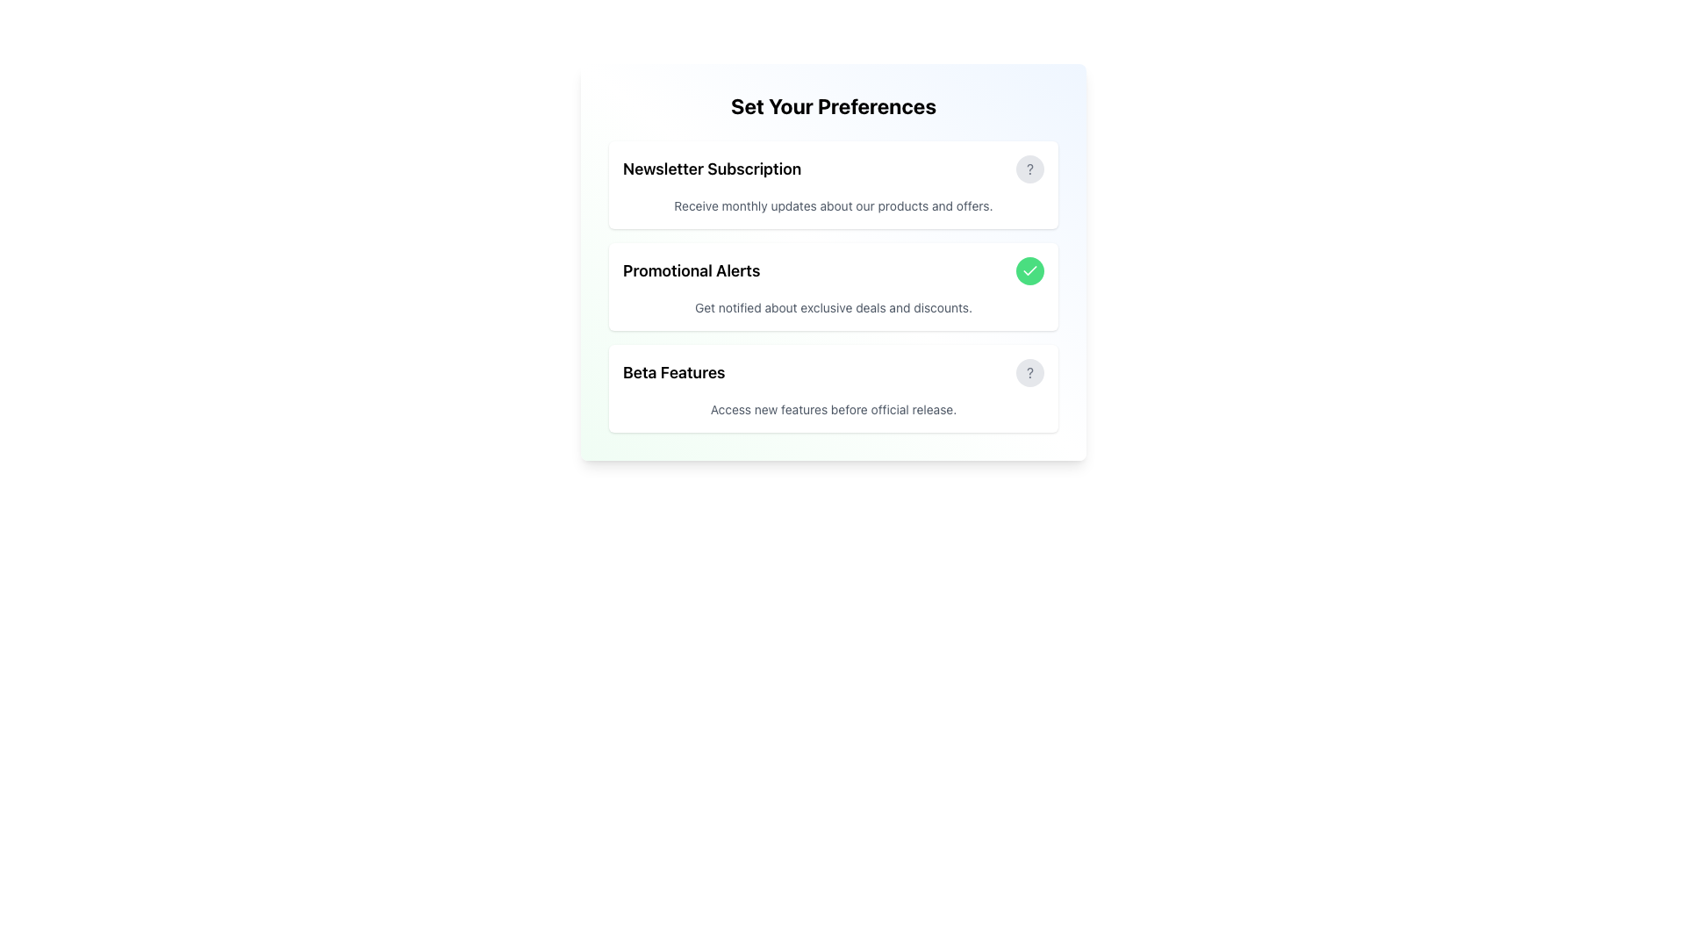 This screenshot has height=948, width=1685. What do you see at coordinates (833, 270) in the screenshot?
I see `the green circular button with a white check mark inside the List Item labeled 'Promotional Alerts'` at bounding box center [833, 270].